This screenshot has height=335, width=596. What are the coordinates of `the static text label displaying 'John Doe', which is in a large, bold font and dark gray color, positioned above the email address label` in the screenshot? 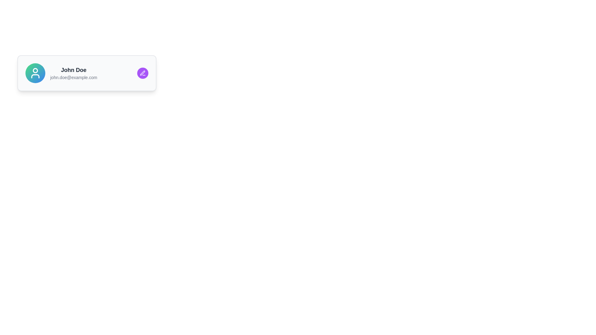 It's located at (74, 70).